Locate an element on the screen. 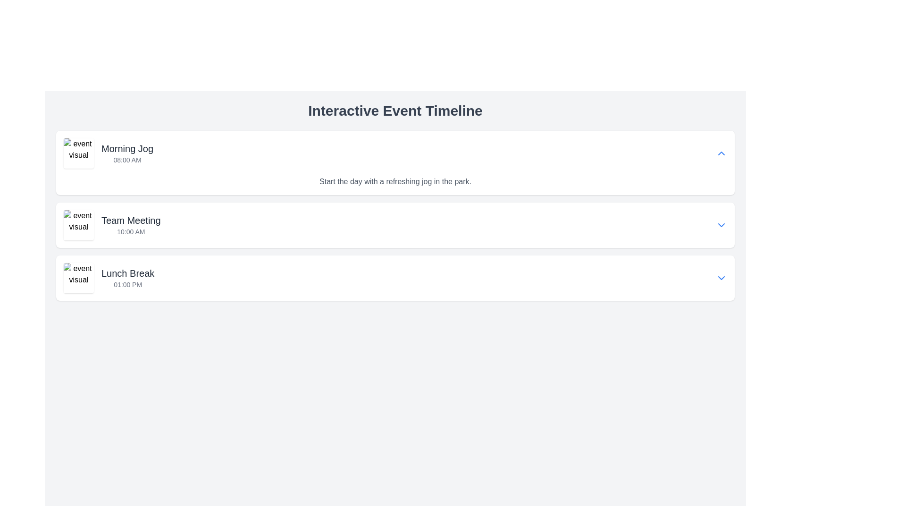 Image resolution: width=906 pixels, height=510 pixels. the 'Team Meeting' element in the timeline for accessibility purposes is located at coordinates (130, 225).